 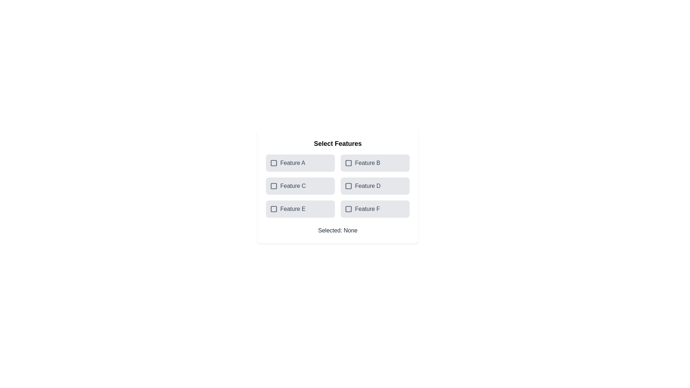 I want to click on the Checkbox element for 'Feature D' to provide visual feedback, so click(x=348, y=185).